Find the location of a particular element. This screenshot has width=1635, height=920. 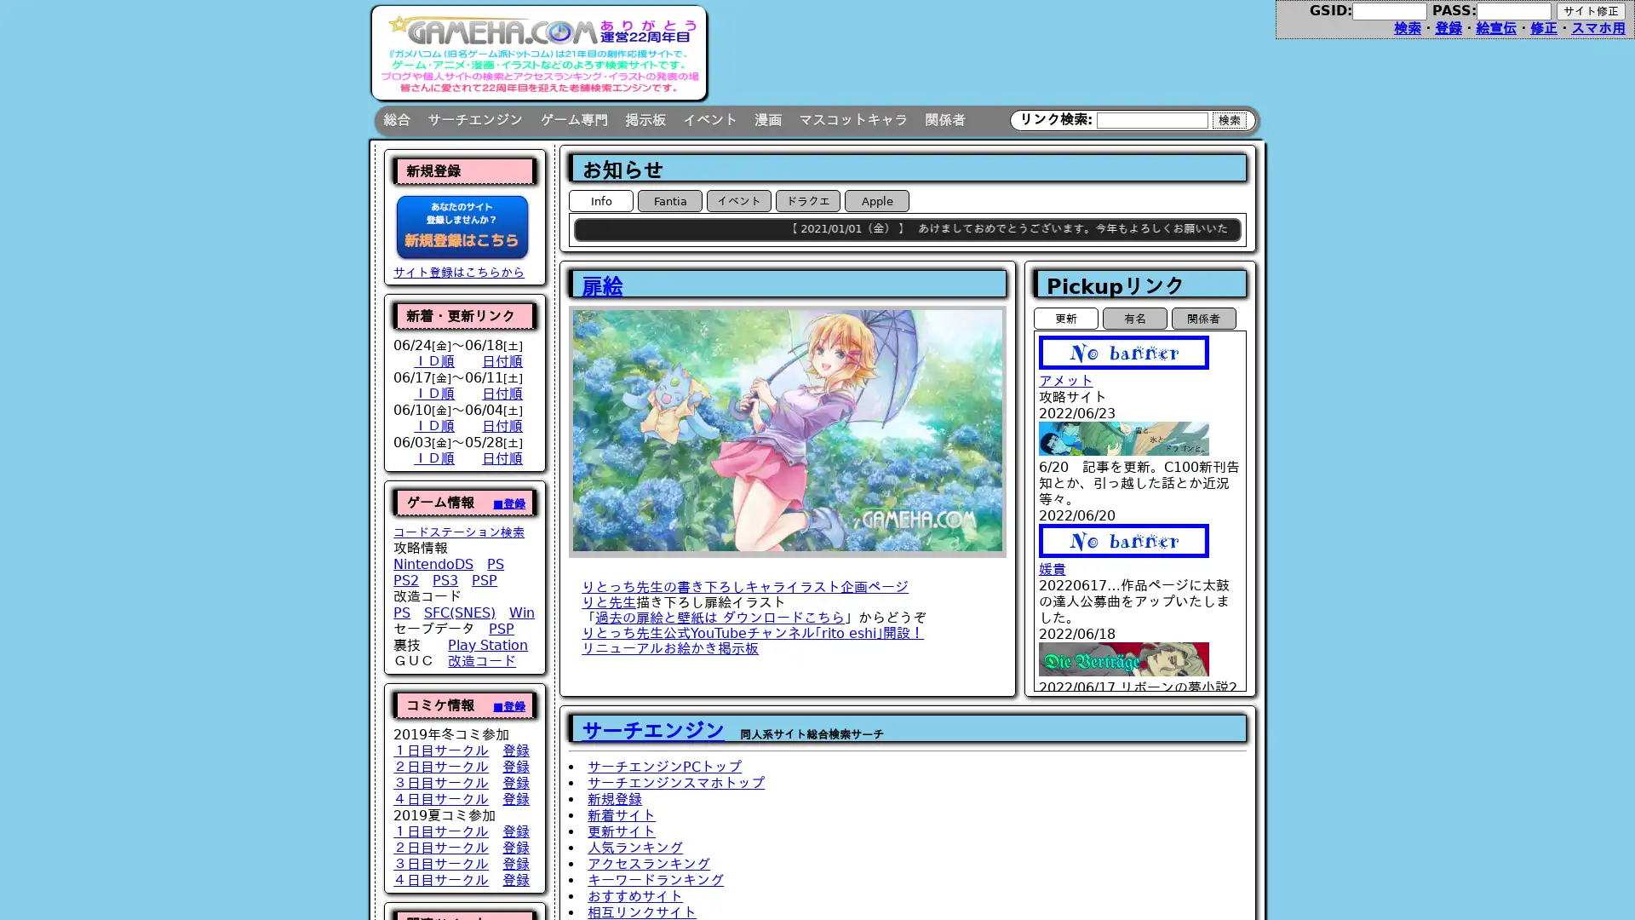

Info is located at coordinates (600, 199).